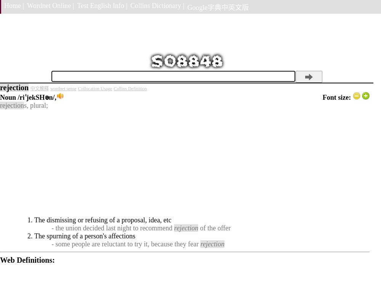 The height and width of the screenshot is (297, 381). Describe the element at coordinates (50, 5) in the screenshot. I see `'Wordnet Online |'` at that location.